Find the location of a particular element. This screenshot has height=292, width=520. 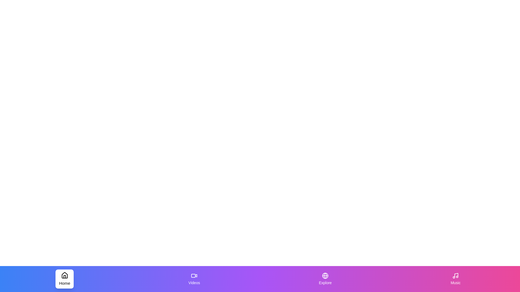

the Explore tab by clicking on its icon or label is located at coordinates (325, 279).